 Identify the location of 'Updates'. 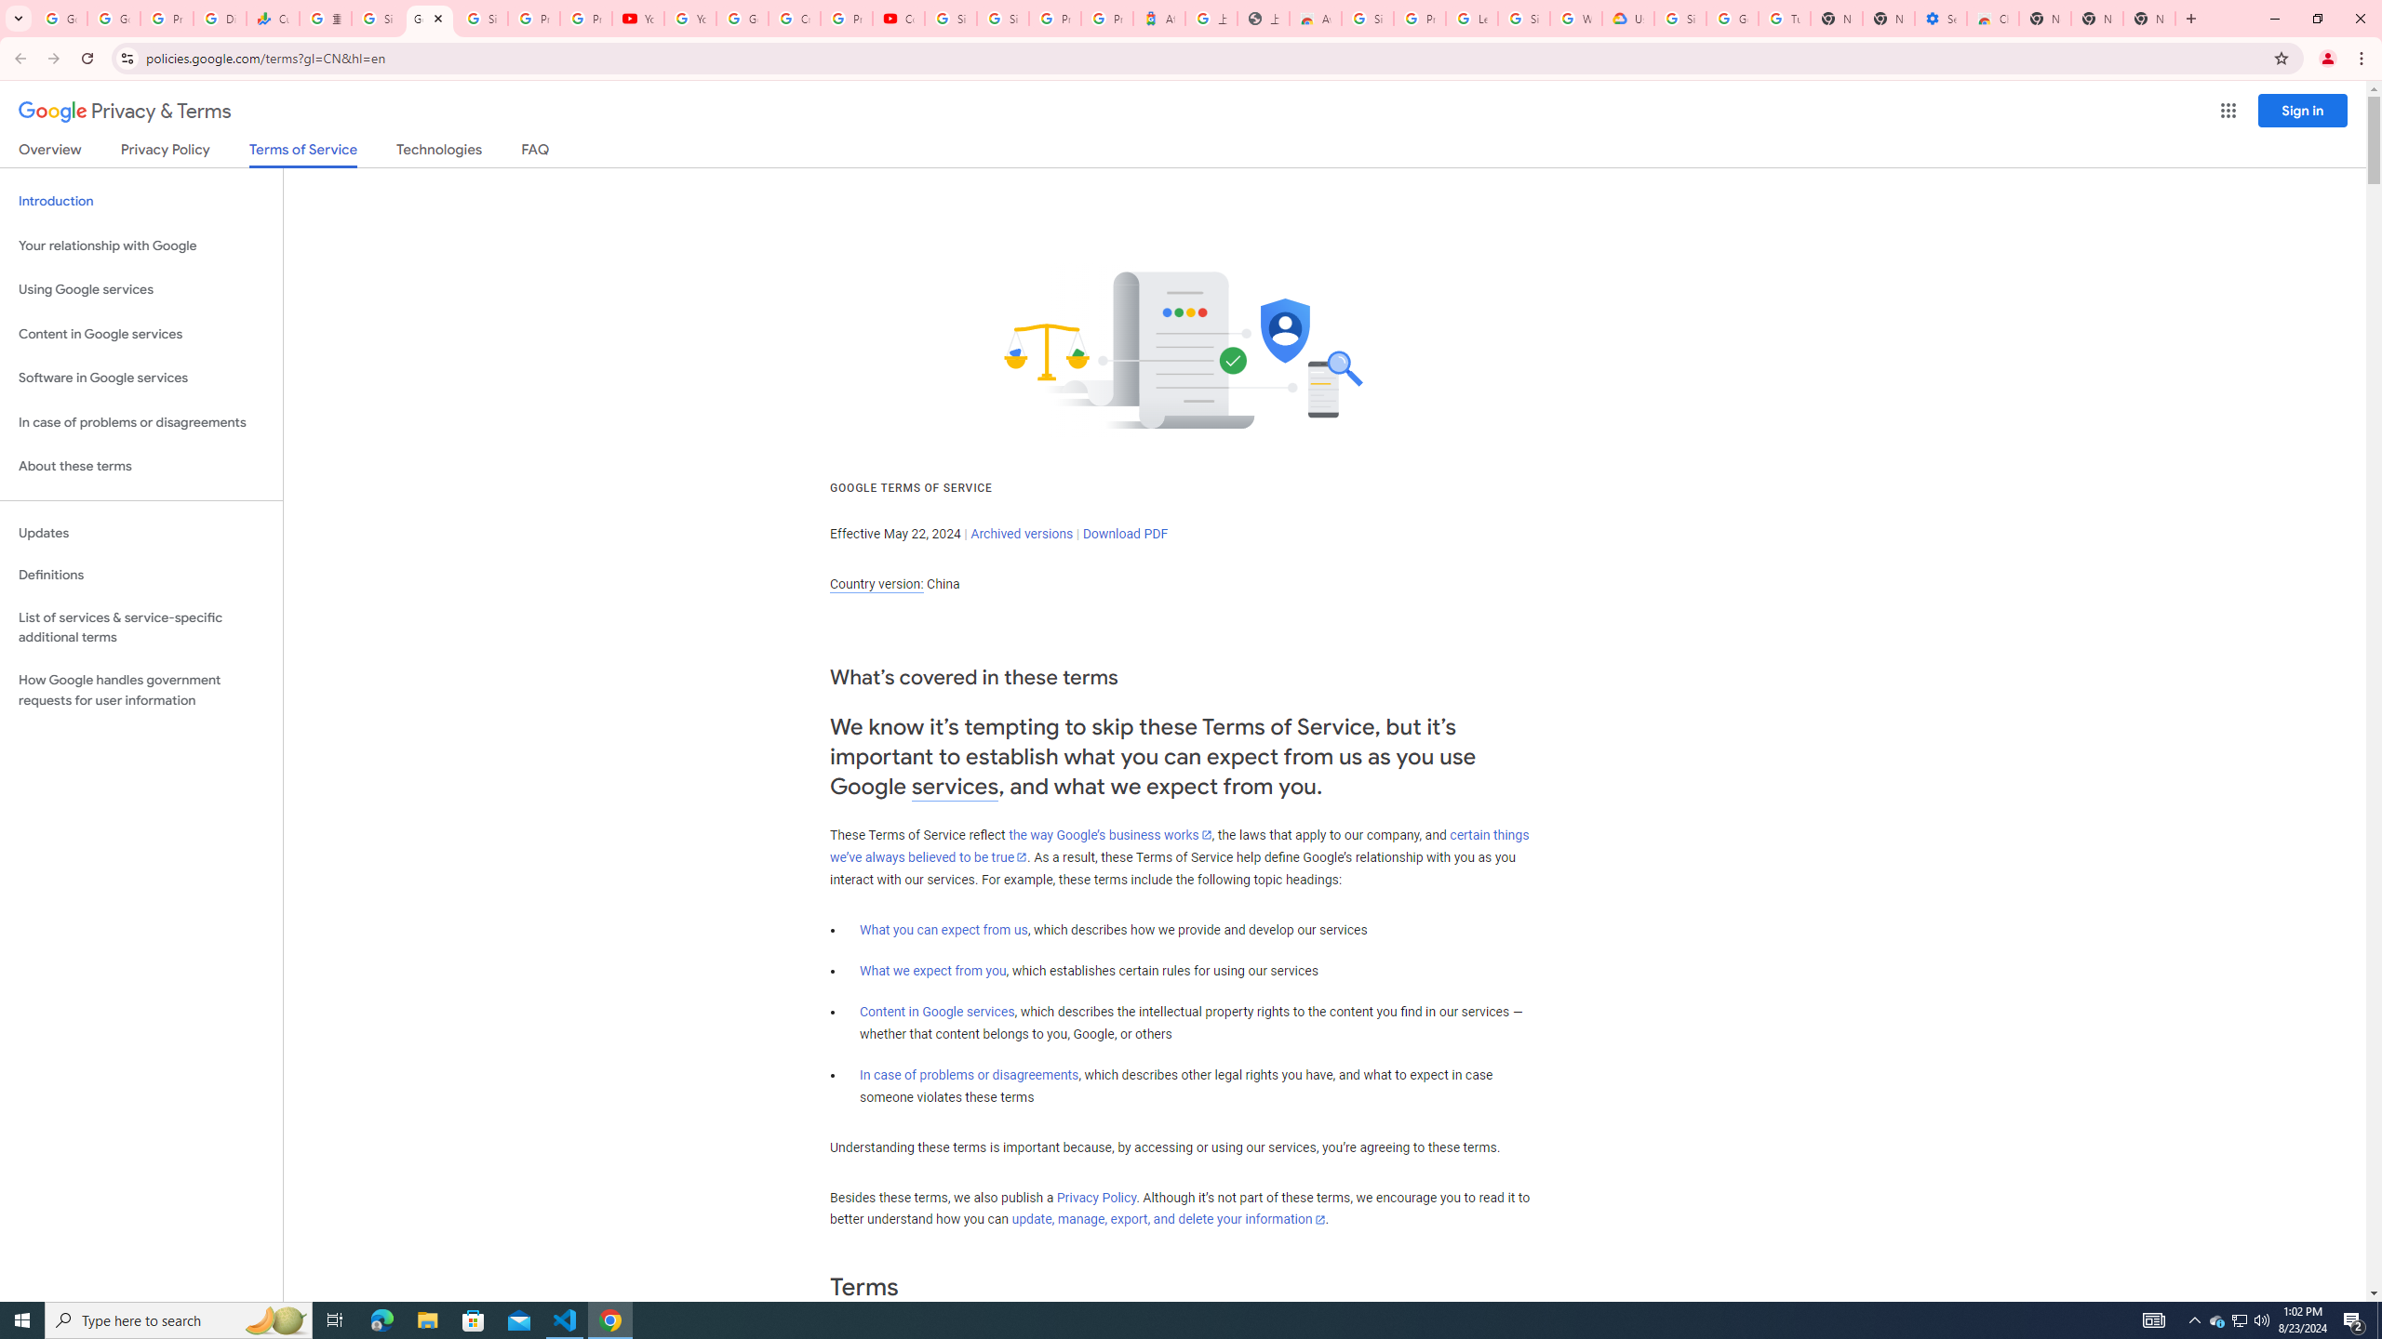
(141, 532).